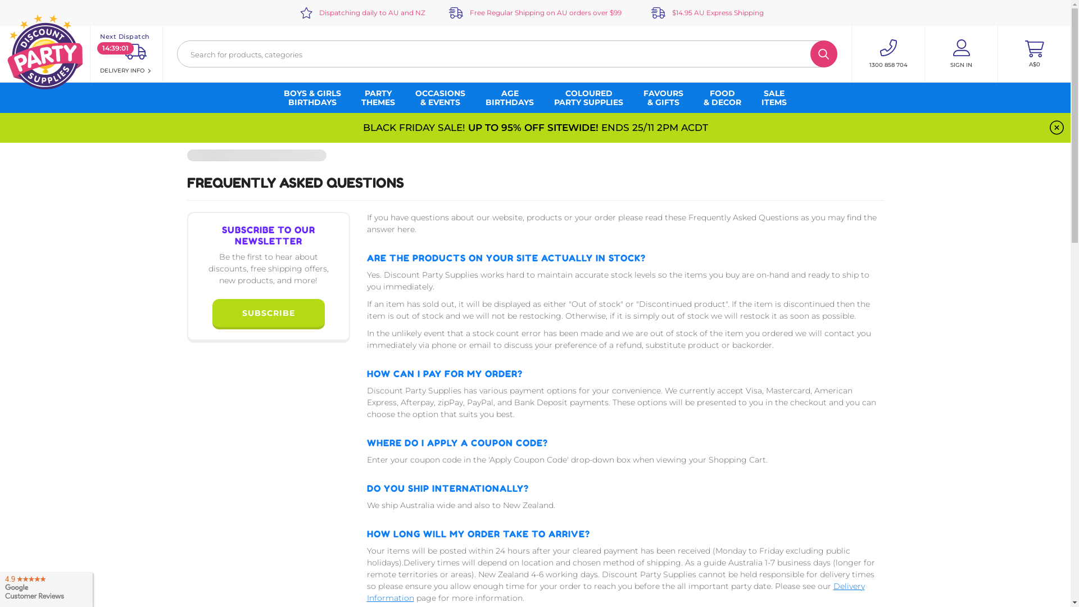 The width and height of the screenshot is (1079, 607). What do you see at coordinates (439, 97) in the screenshot?
I see `'OCCASIONS` at bounding box center [439, 97].